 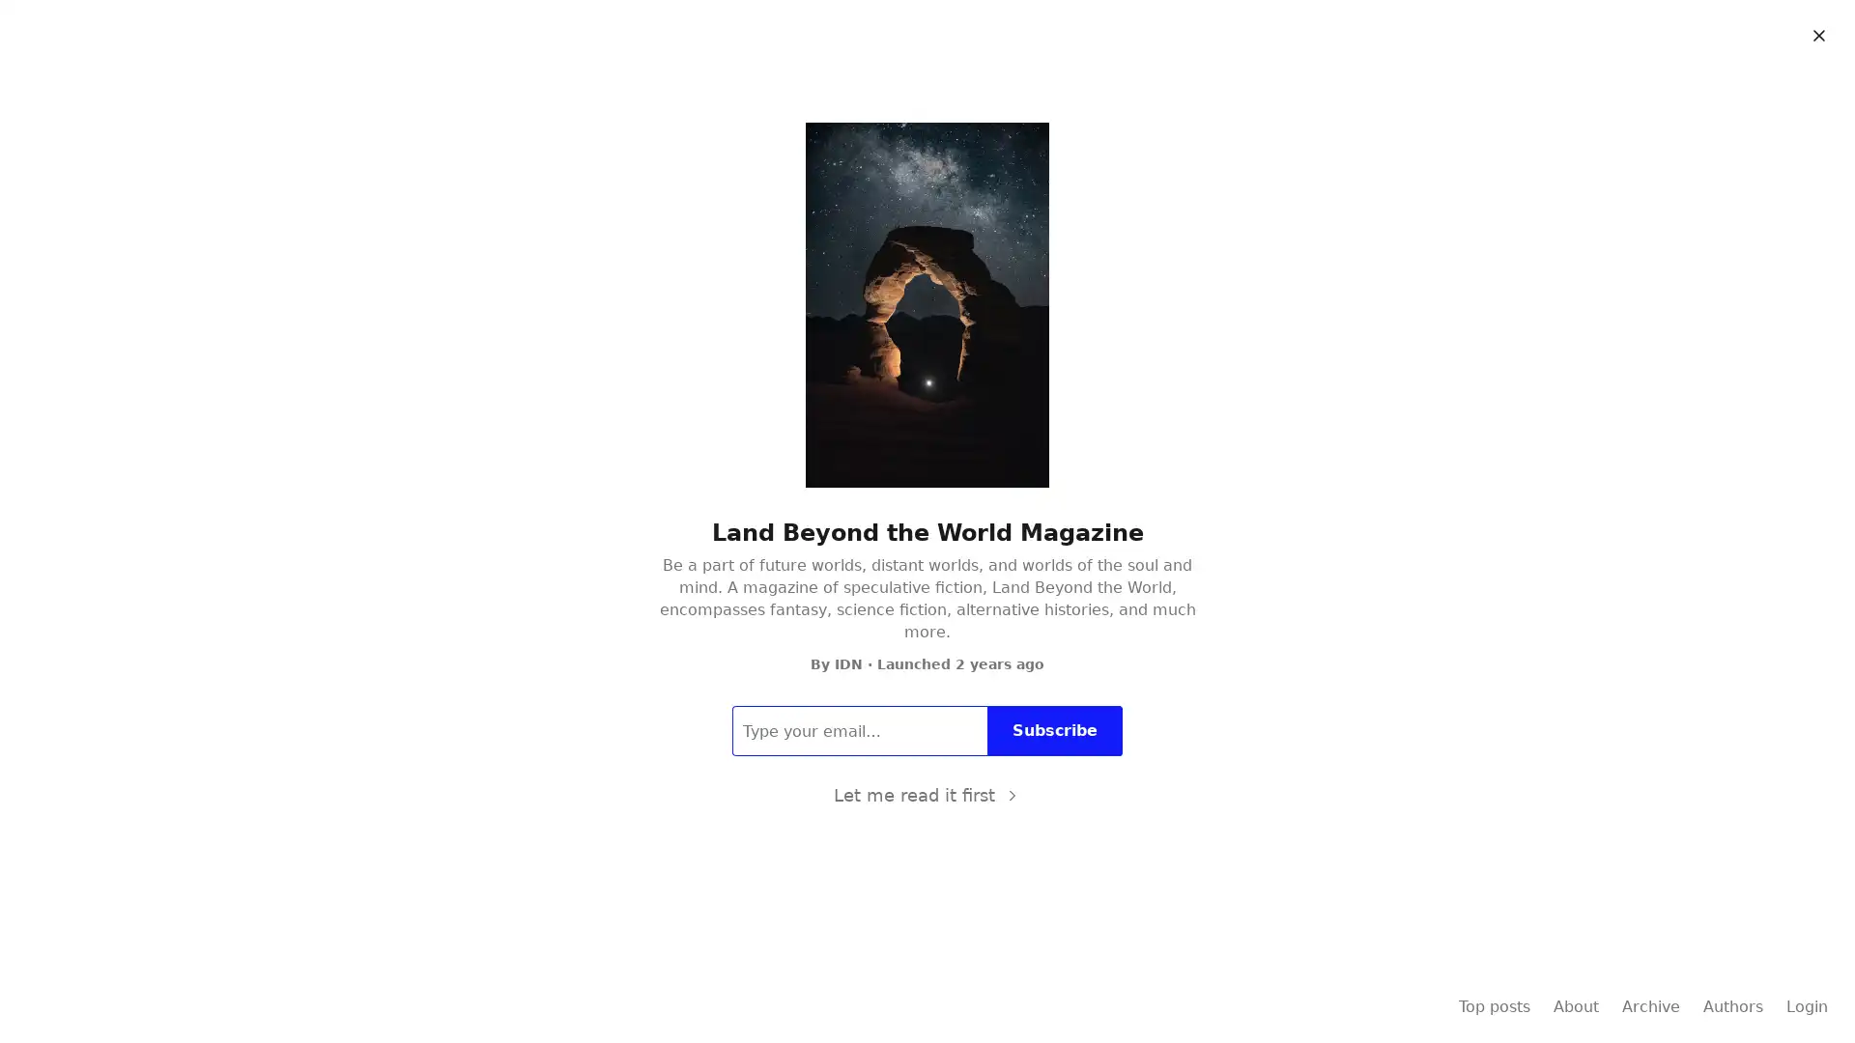 I want to click on Sign in, so click(x=1801, y=30).